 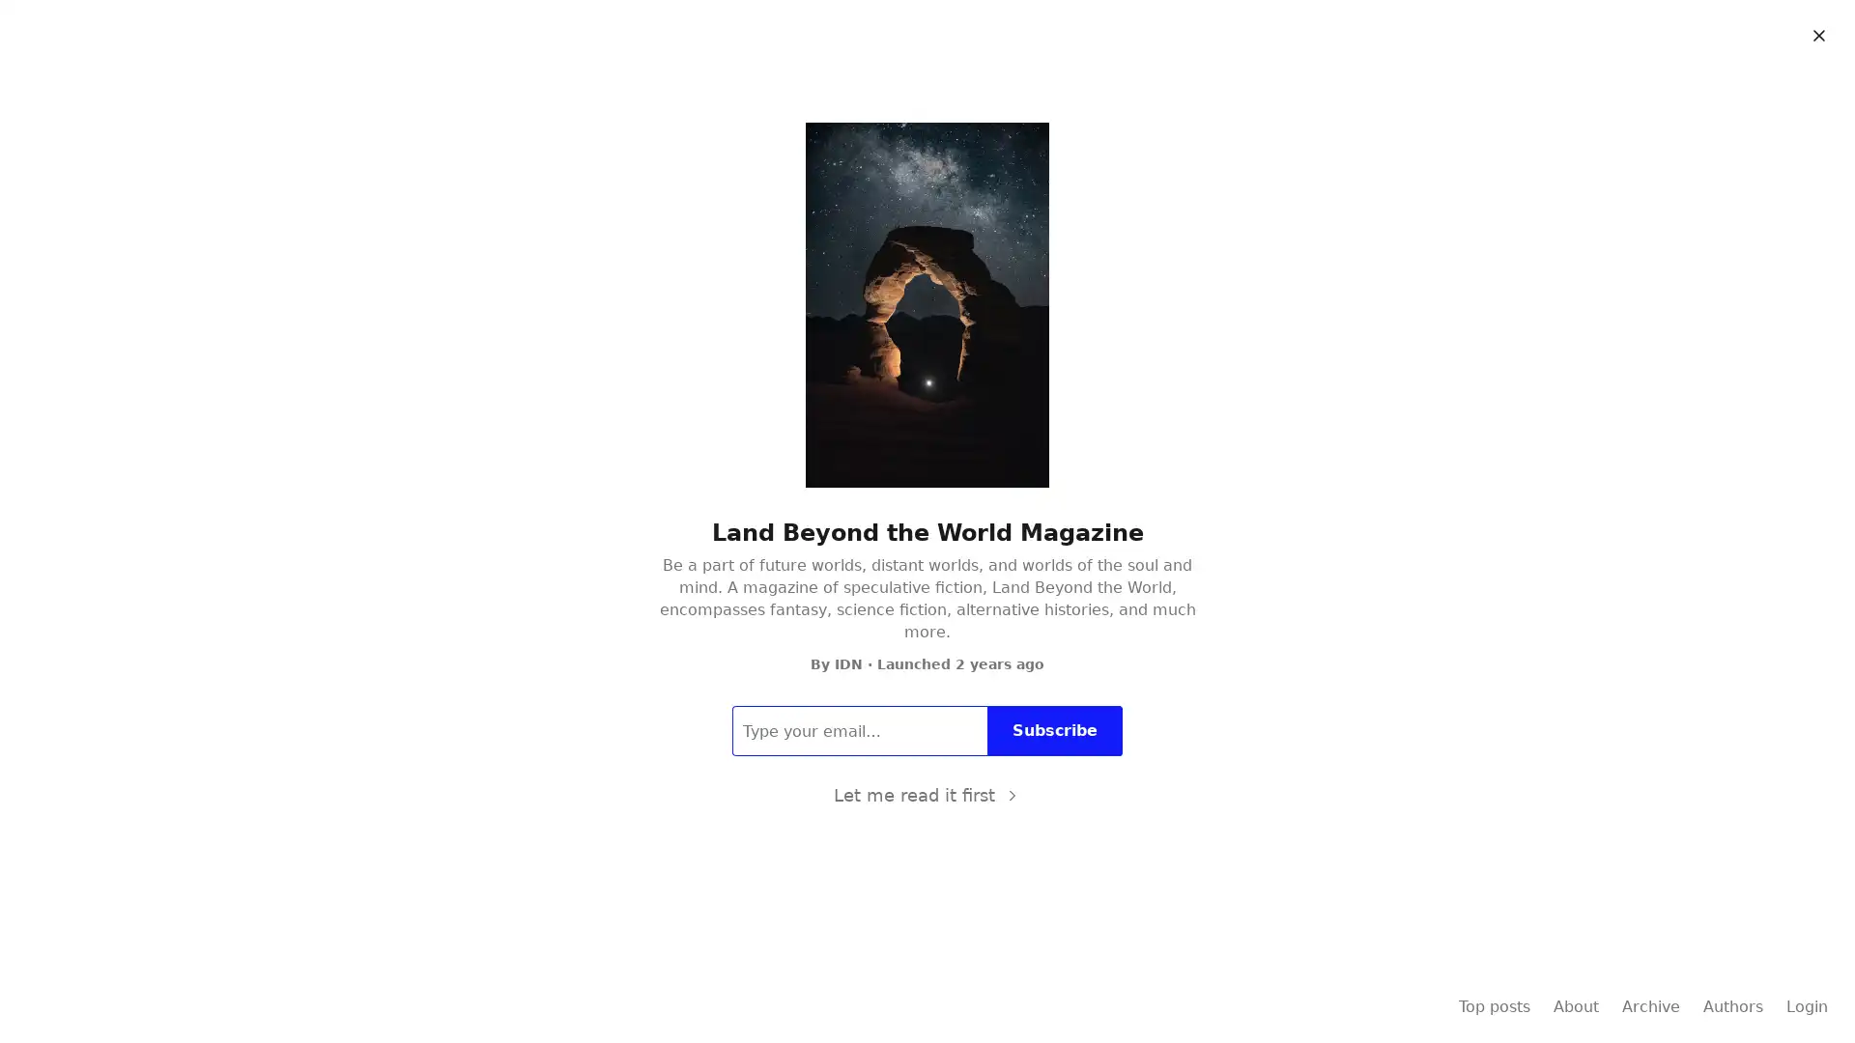 I want to click on Sign in, so click(x=1801, y=30).